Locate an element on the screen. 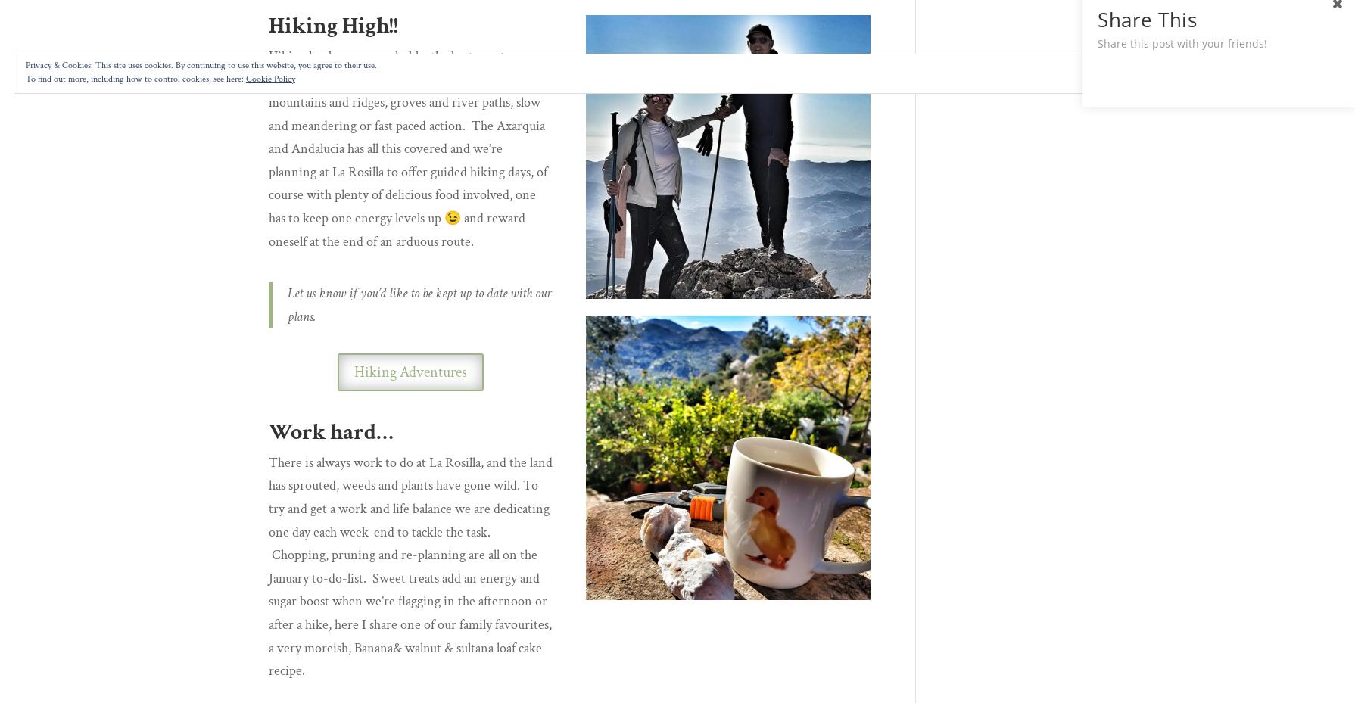 This screenshot has width=1355, height=703. 'Hiking has become our hobby the best way to explore this outstanding area of natural beauty, high mountains and ridges, groves and river paths, slow and meandering or fast paced action.  The Axarquia and Andalucia has all this covered and we’re planning at La Rosilla to offer guided hiking days, of course with plenty of delicious food involved, one has to keep one energy levels up 😉 and reward oneself at the end of an arduous route.' is located at coordinates (268, 148).